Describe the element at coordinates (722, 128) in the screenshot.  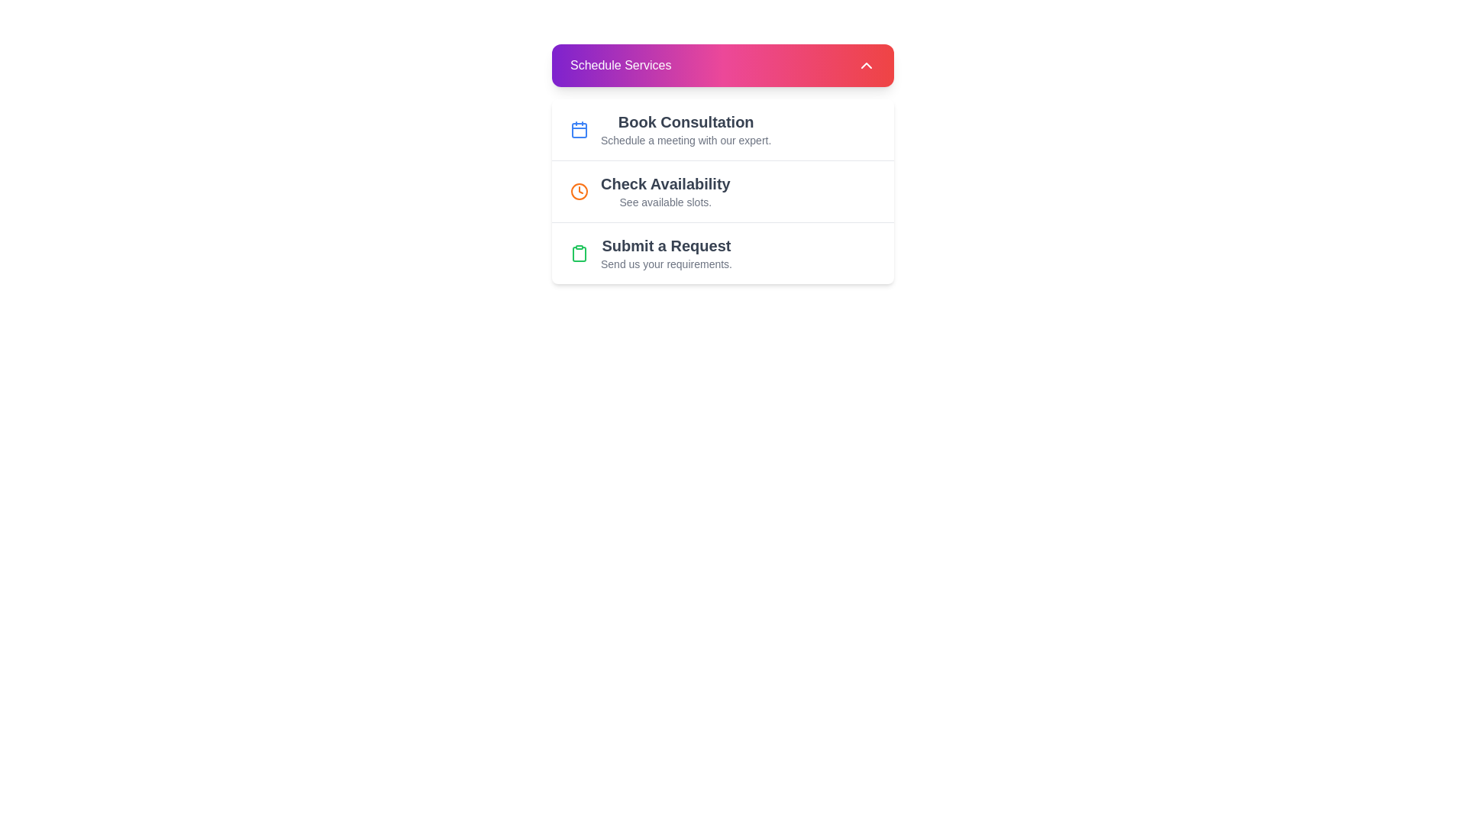
I see `the first list item labeled 'Book Consultation' which contains a blue calendar icon and larger bold text to reveal further actions` at that location.